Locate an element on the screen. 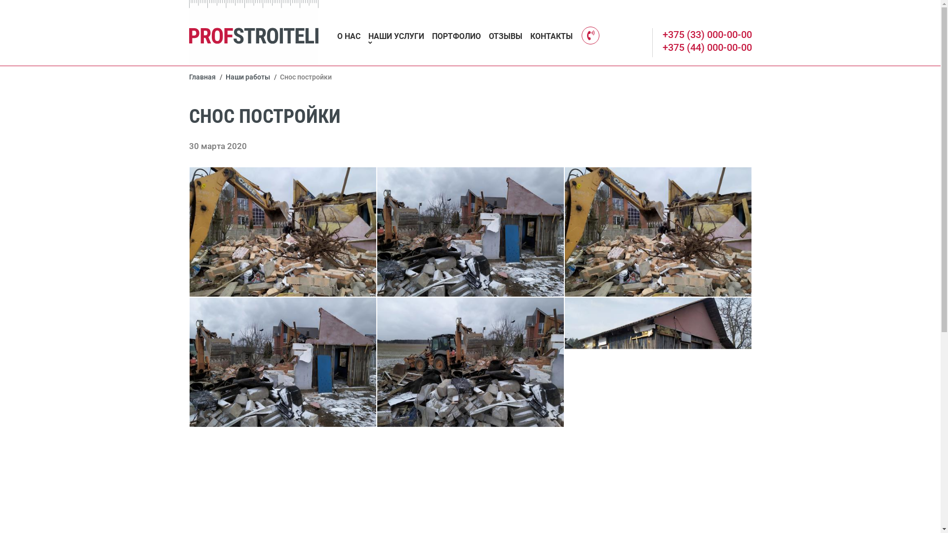 The image size is (948, 533). '+375 (44) 000-00-00' is located at coordinates (663, 47).